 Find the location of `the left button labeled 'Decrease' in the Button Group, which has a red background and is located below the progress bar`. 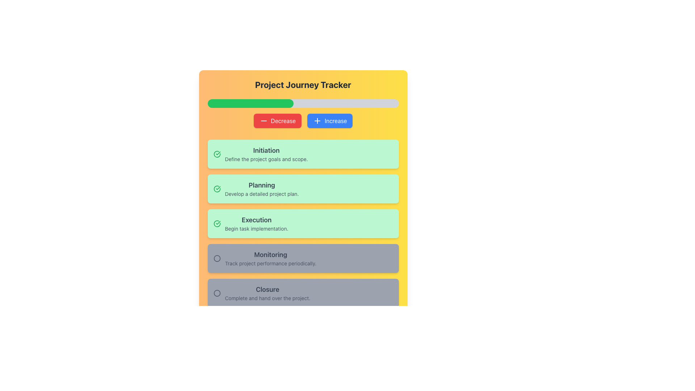

the left button labeled 'Decrease' in the Button Group, which has a red background and is located below the progress bar is located at coordinates (303, 121).